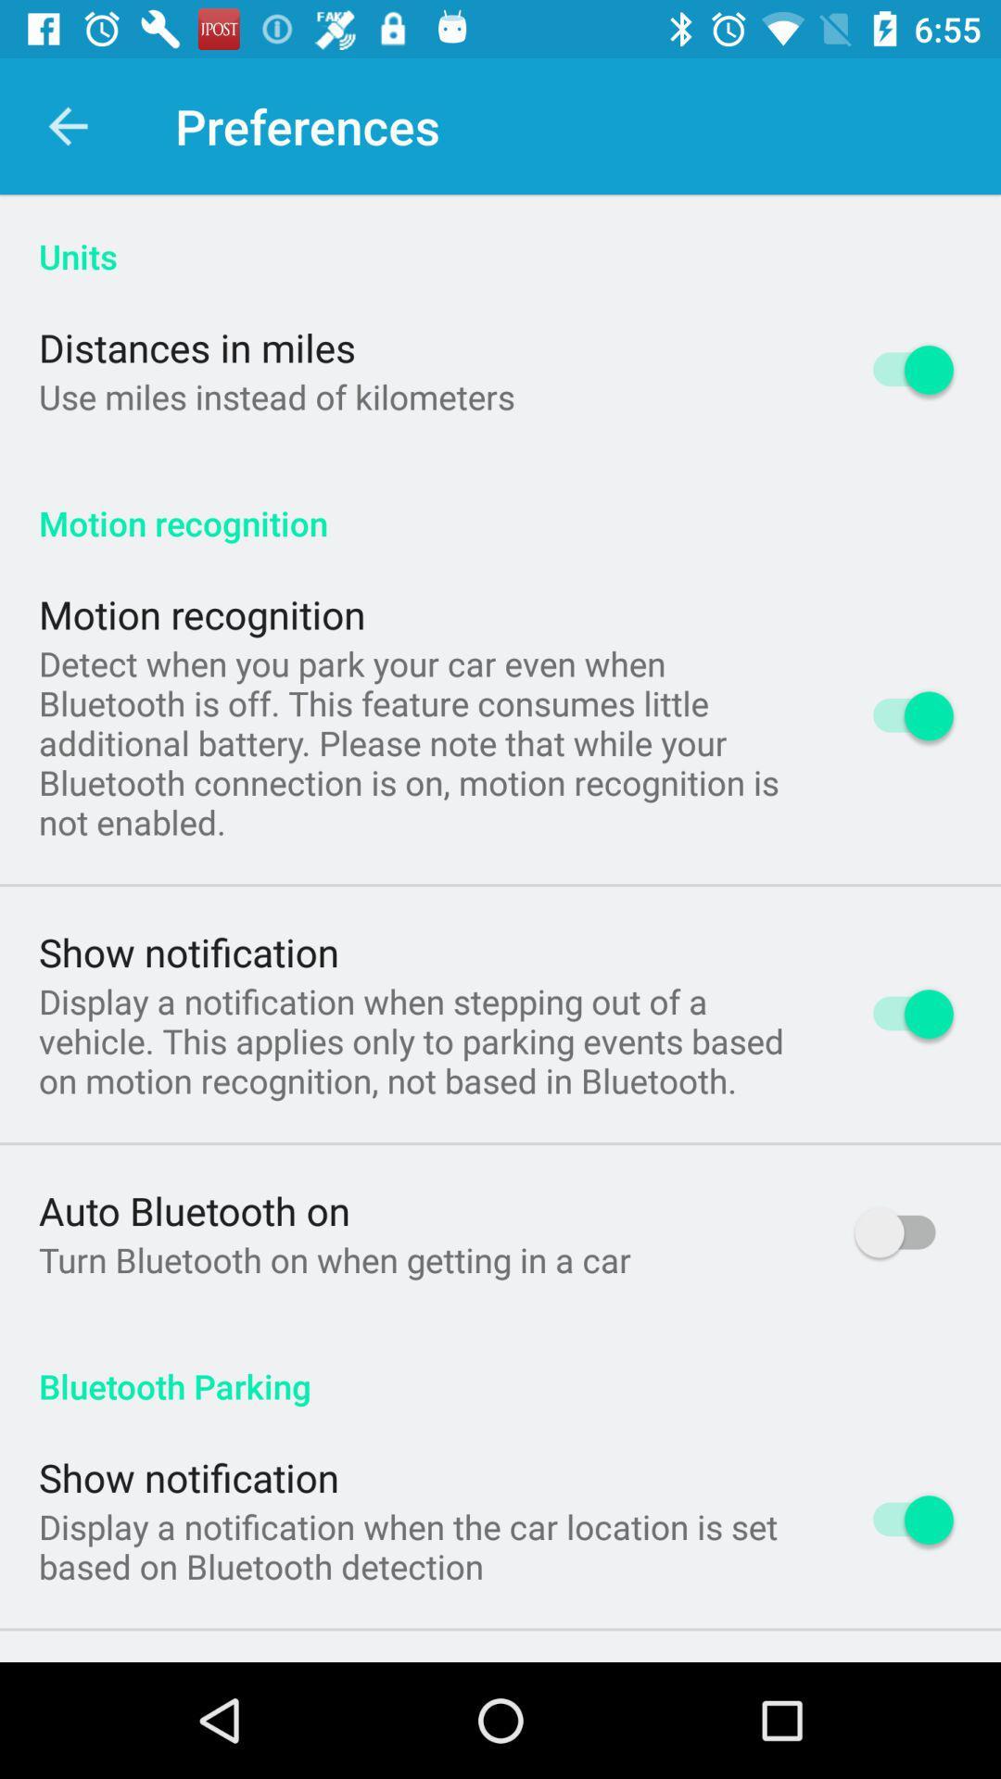 The width and height of the screenshot is (1001, 1779). What do you see at coordinates (67, 125) in the screenshot?
I see `app above the units app` at bounding box center [67, 125].